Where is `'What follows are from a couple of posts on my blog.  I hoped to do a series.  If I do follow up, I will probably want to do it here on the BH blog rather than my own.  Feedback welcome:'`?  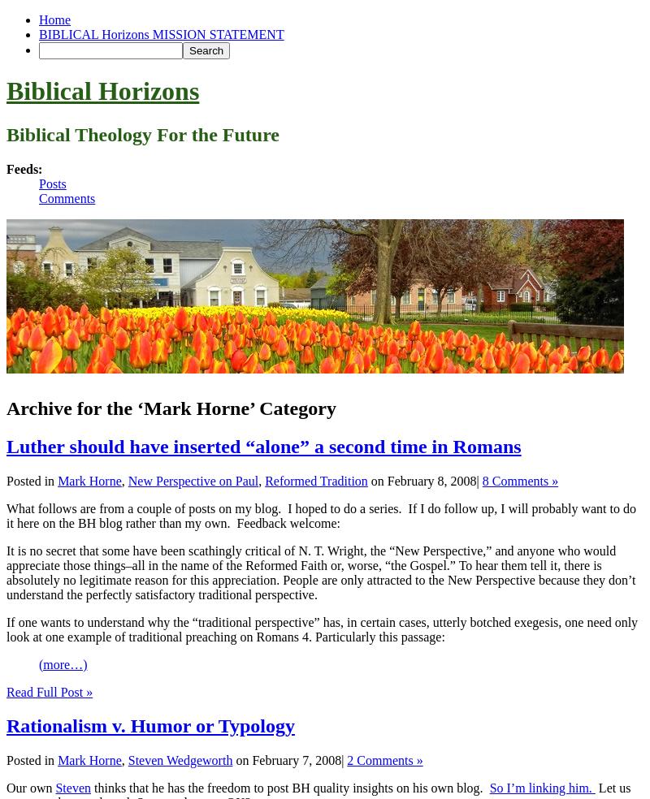
'What follows are from a couple of posts on my blog.  I hoped to do a series.  If I do follow up, I will probably want to do it here on the BH blog rather than my own.  Feedback welcome:' is located at coordinates (6, 515).